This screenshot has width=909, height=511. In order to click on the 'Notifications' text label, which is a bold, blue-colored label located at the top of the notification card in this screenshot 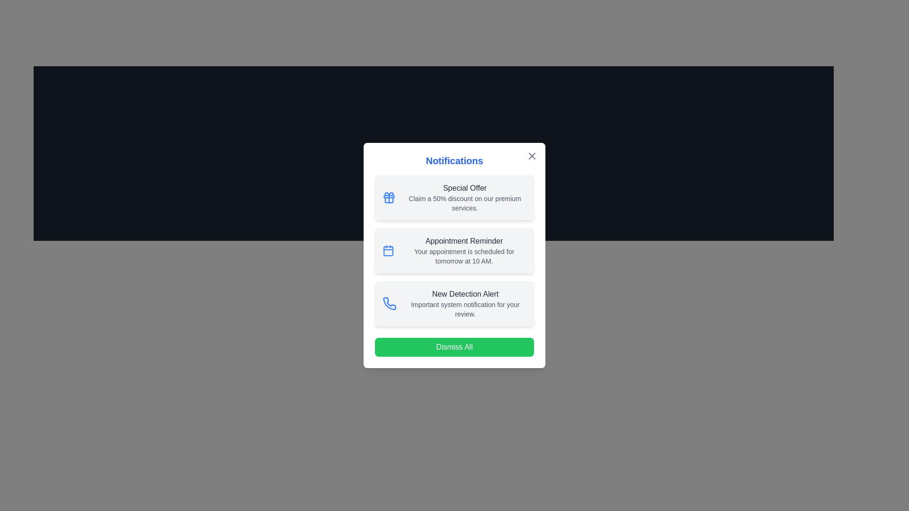, I will do `click(454, 160)`.